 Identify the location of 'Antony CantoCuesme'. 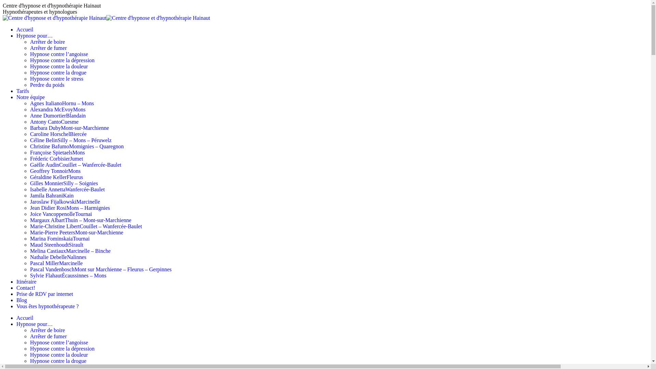
(54, 121).